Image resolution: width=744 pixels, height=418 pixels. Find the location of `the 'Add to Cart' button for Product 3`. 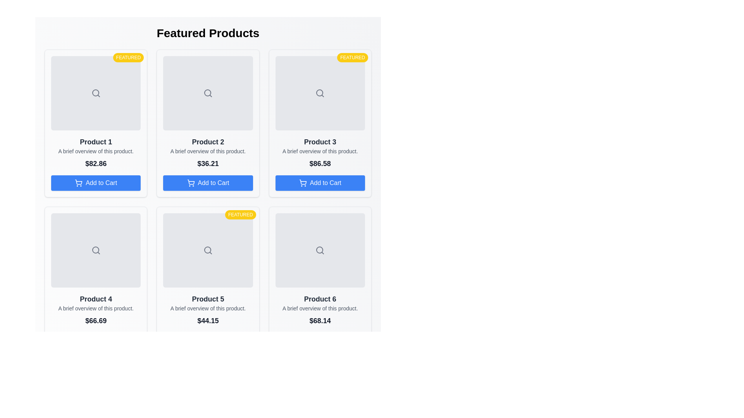

the 'Add to Cart' button for Product 3 is located at coordinates (320, 183).